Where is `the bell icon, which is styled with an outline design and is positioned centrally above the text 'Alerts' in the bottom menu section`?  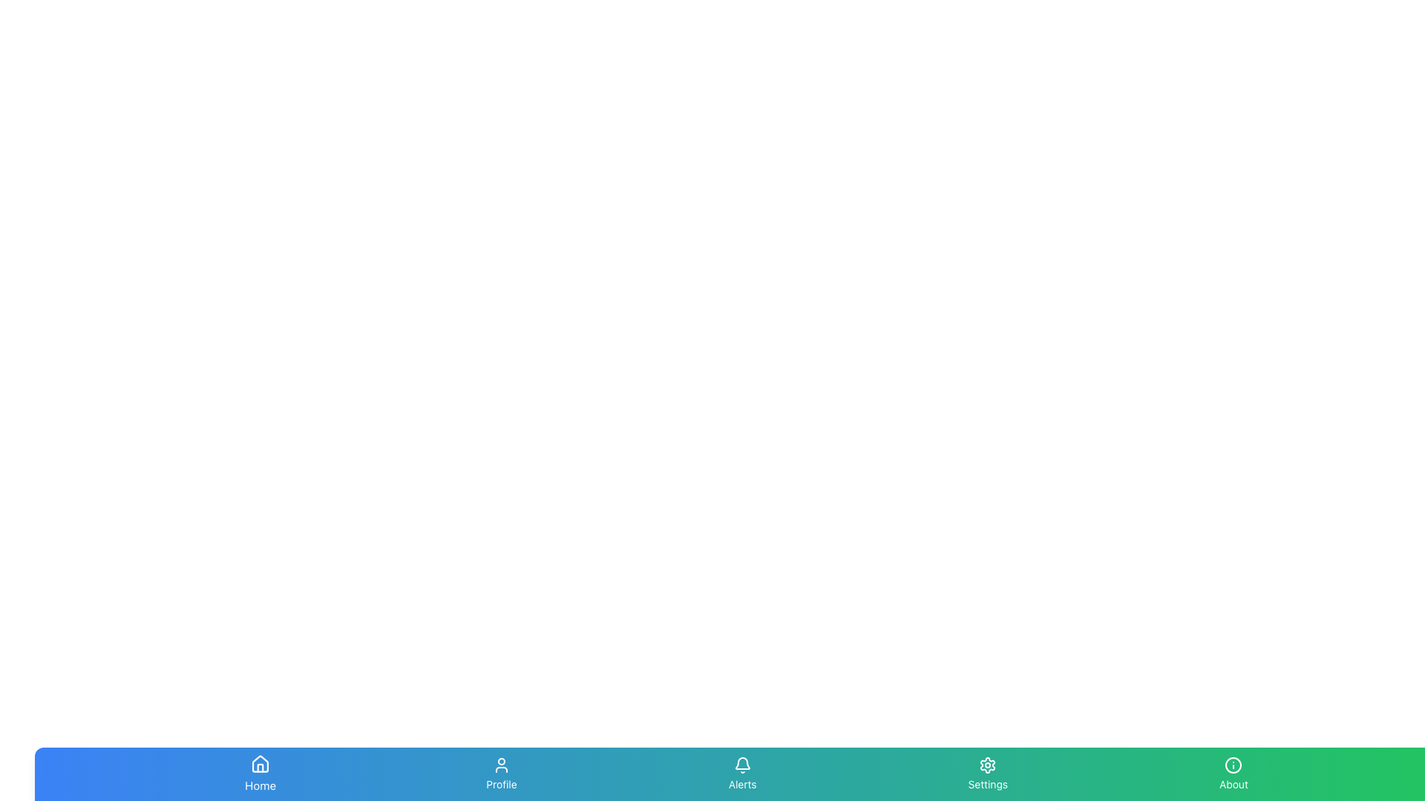 the bell icon, which is styled with an outline design and is positioned centrally above the text 'Alerts' in the bottom menu section is located at coordinates (742, 765).